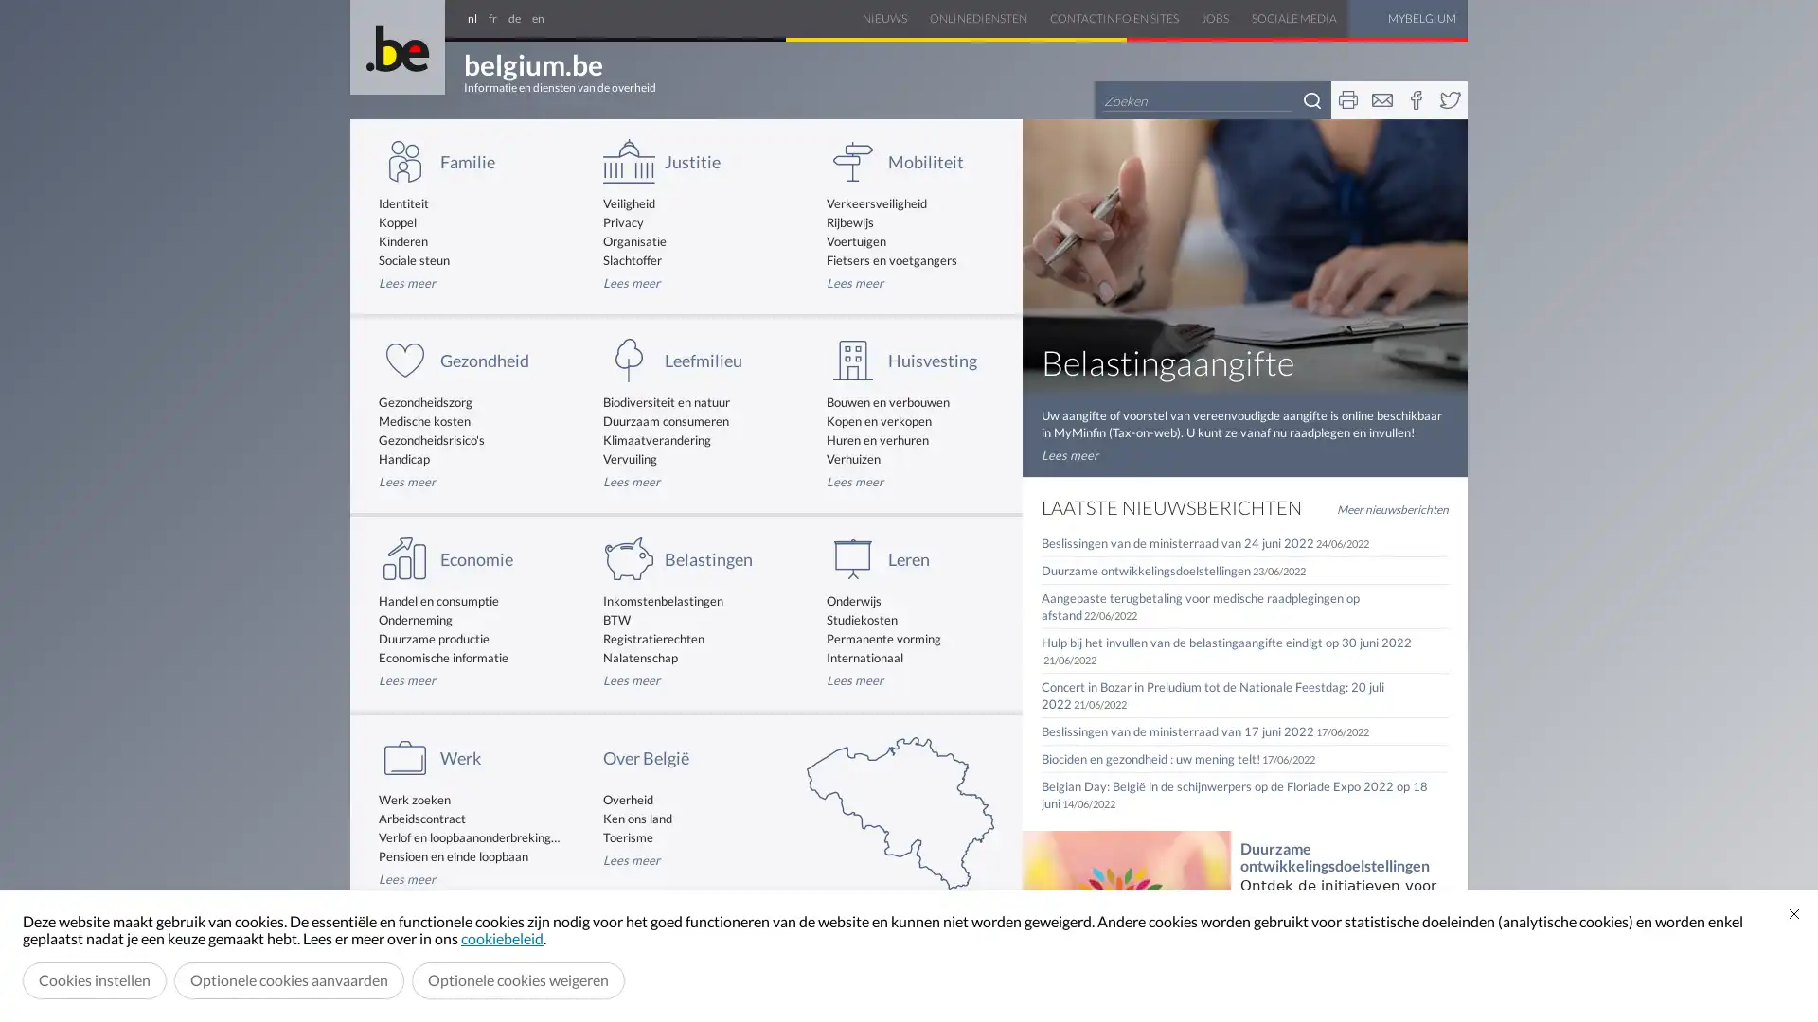 This screenshot has width=1818, height=1022. I want to click on Optionele cookies aanvaarden, so click(288, 979).